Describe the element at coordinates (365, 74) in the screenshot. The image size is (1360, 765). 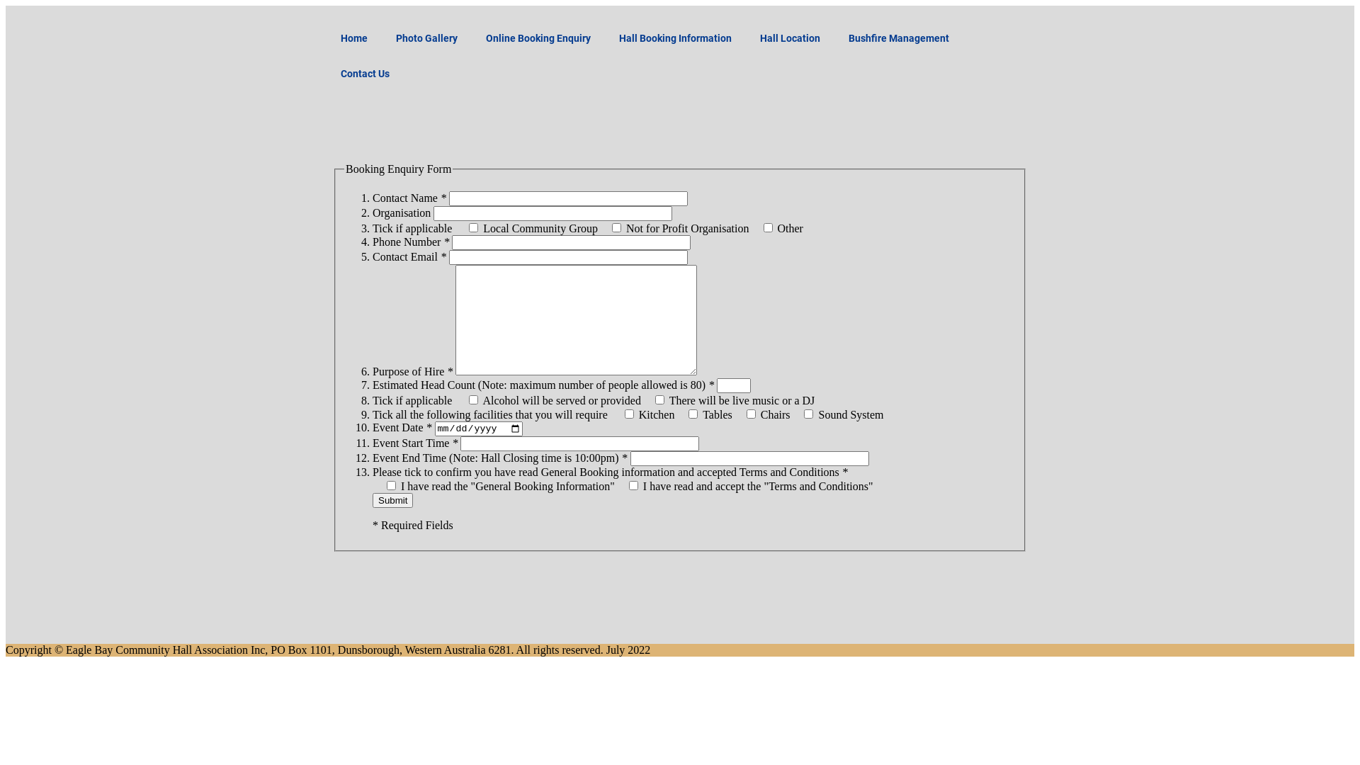
I see `'Contact Us'` at that location.